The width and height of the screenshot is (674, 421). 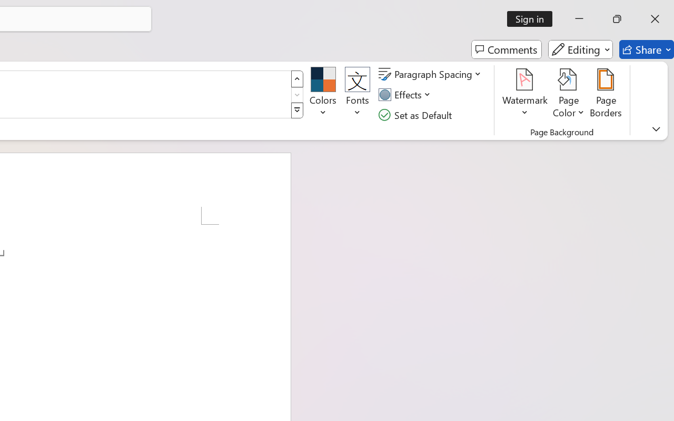 What do you see at coordinates (405, 94) in the screenshot?
I see `'Effects'` at bounding box center [405, 94].